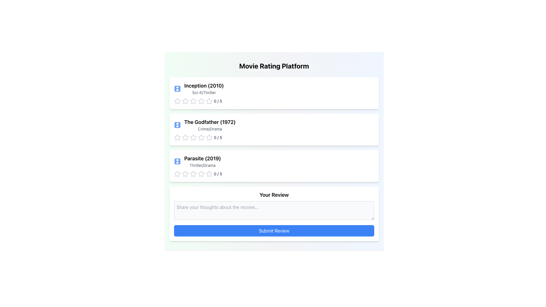  I want to click on the first rating star for the movie 'Parasite (2019)', so click(177, 174).